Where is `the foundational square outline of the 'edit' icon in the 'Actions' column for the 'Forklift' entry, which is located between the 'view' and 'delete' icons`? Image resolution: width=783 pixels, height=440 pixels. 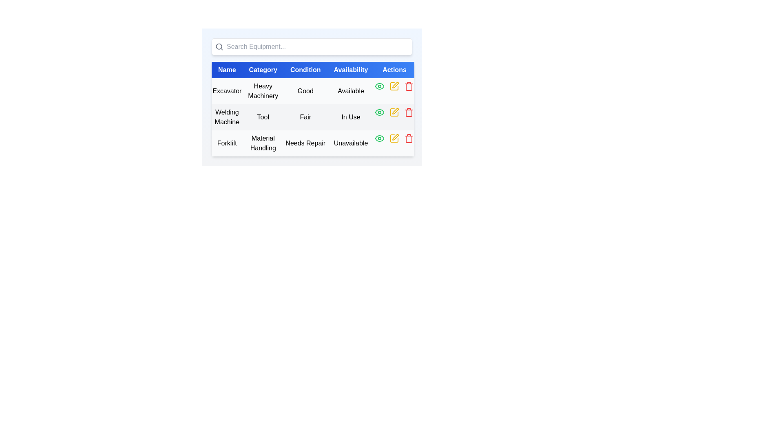
the foundational square outline of the 'edit' icon in the 'Actions' column for the 'Forklift' entry, which is located between the 'view' and 'delete' icons is located at coordinates (394, 138).